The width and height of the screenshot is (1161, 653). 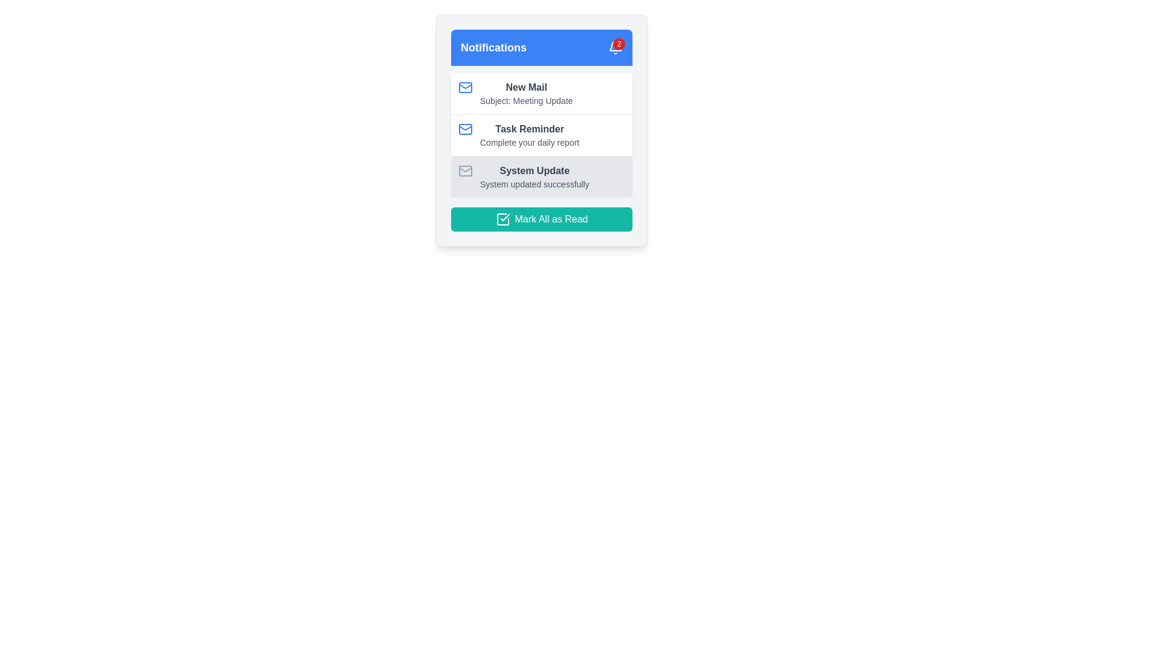 What do you see at coordinates (464, 87) in the screenshot?
I see `the SVG mail icon representing the 'New Mail' notification located in the top-left section of the notification panel` at bounding box center [464, 87].